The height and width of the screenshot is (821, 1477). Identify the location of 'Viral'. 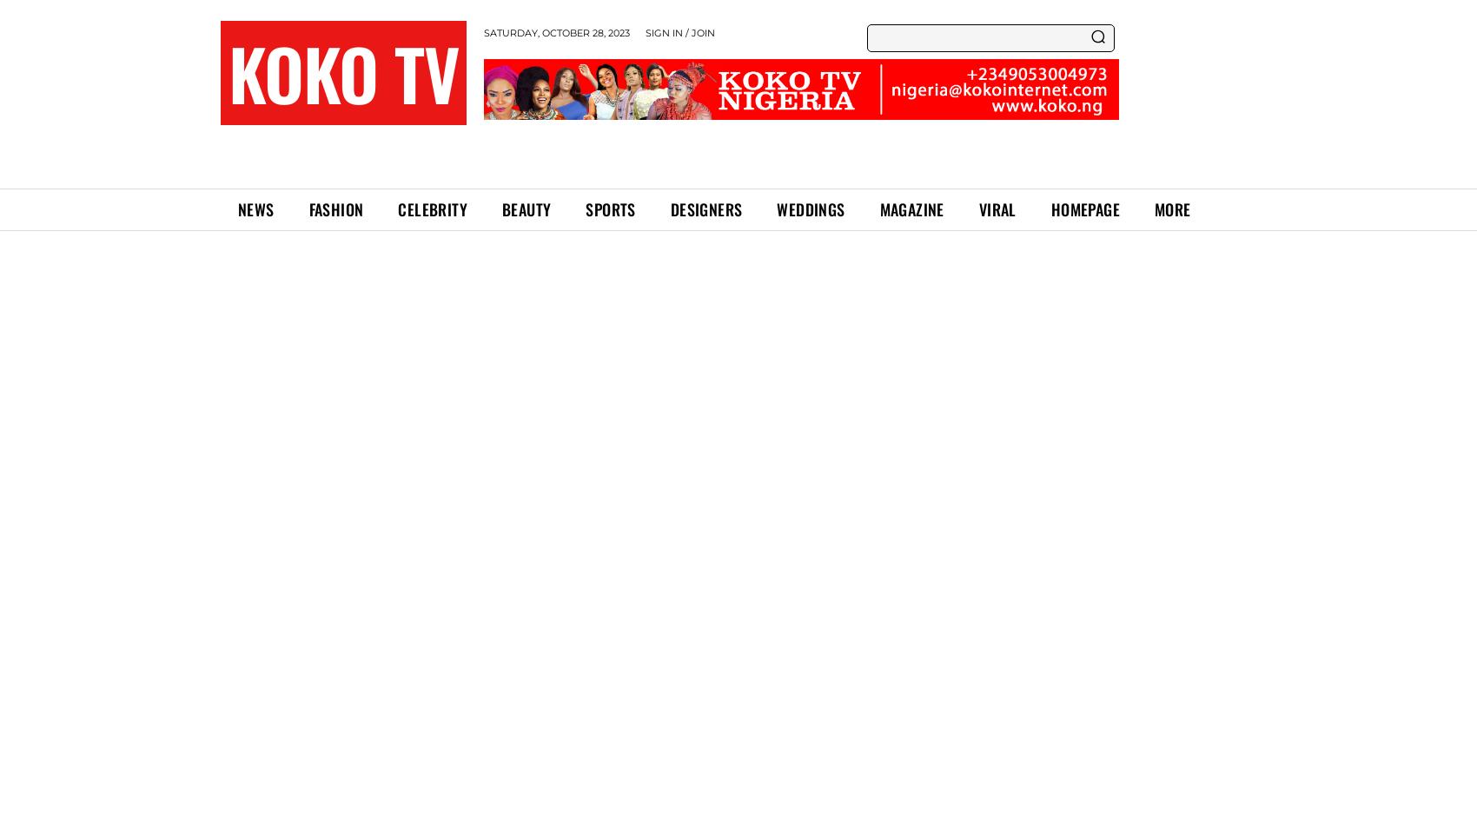
(997, 208).